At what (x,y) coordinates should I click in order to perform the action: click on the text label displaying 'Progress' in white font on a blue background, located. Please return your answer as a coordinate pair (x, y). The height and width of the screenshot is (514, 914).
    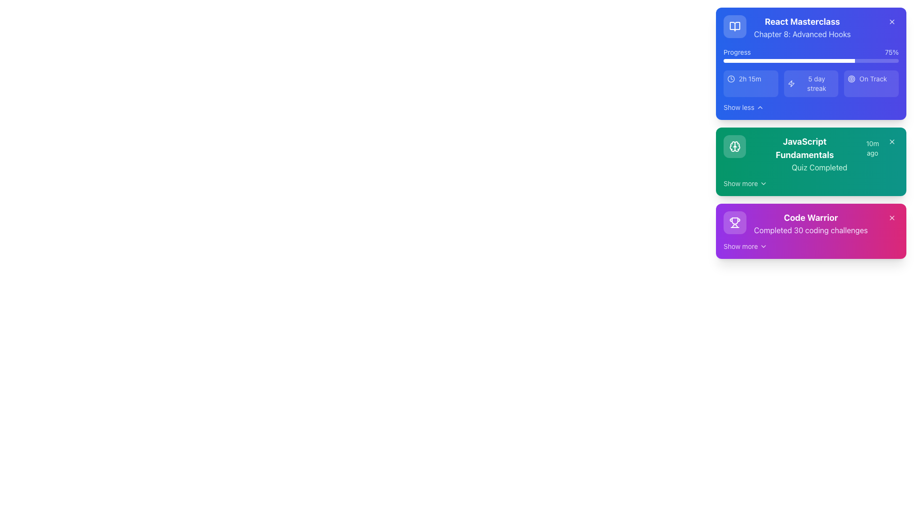
    Looking at the image, I should click on (736, 52).